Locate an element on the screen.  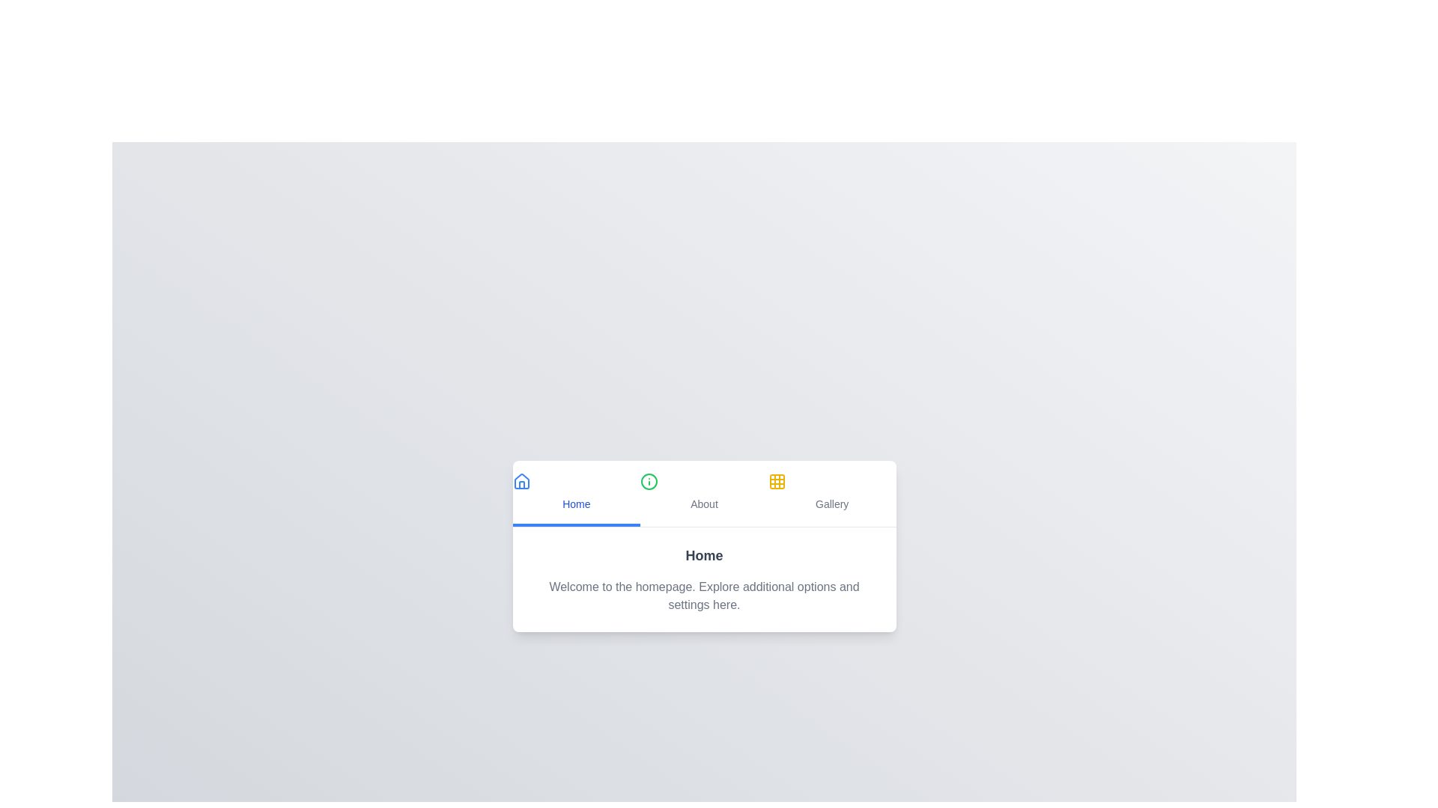
the tab identified by About is located at coordinates (703, 493).